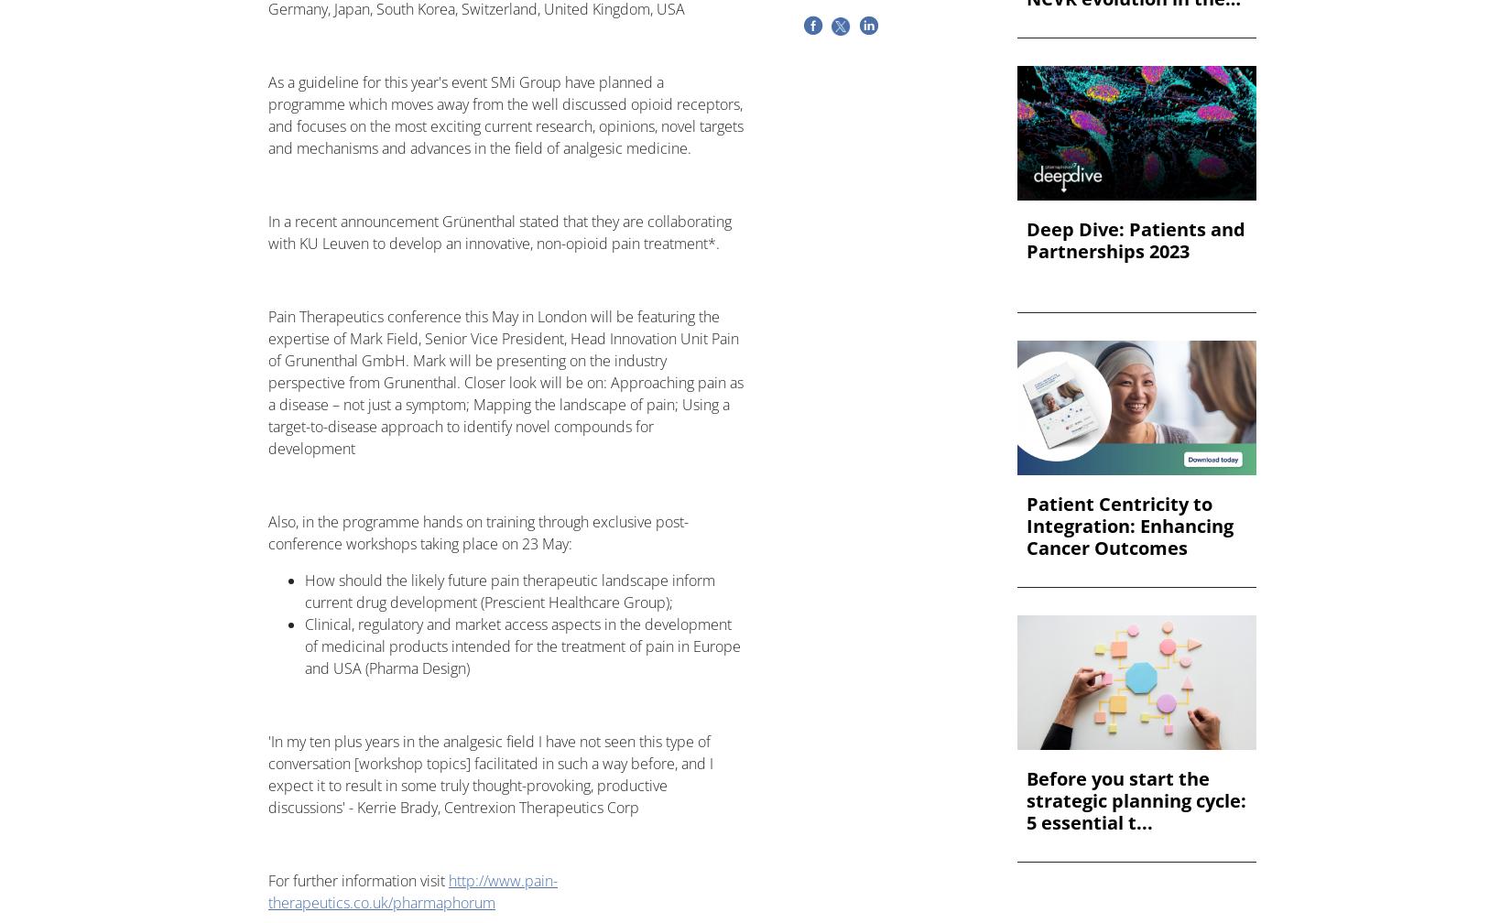  What do you see at coordinates (498, 233) in the screenshot?
I see `'In a recent announcement Grünenthal stated that they are collaborating with KU Leuven to develop an innovative, non-opioid pain treatment*.'` at bounding box center [498, 233].